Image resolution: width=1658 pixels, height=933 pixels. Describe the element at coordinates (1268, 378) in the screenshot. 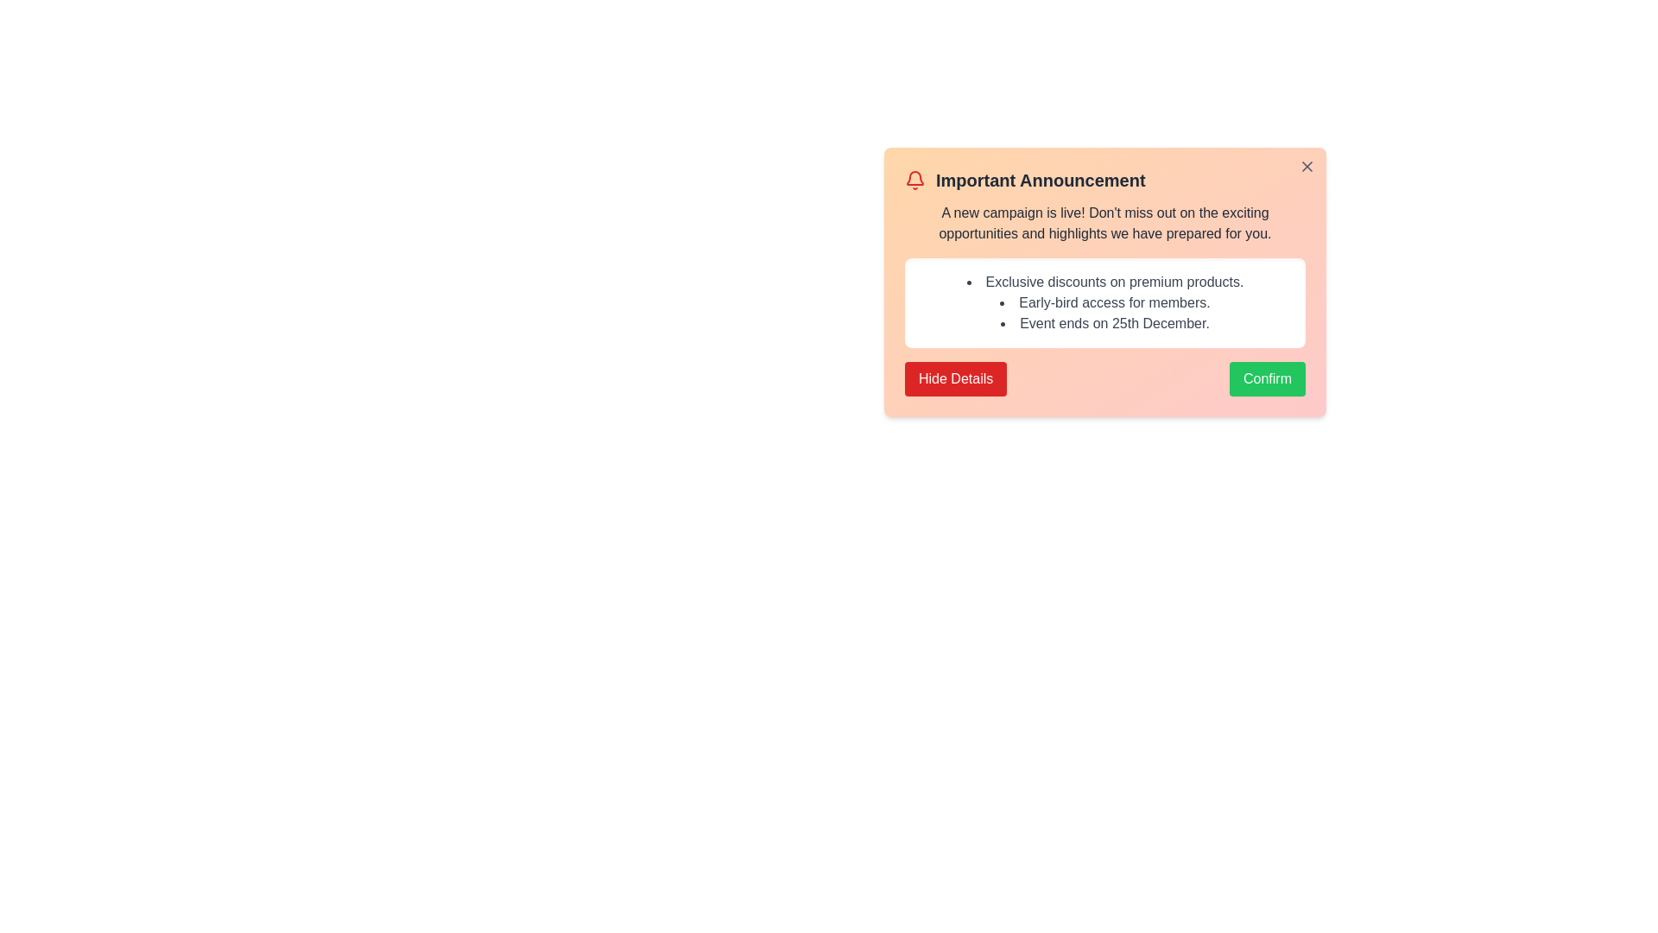

I see `the 'Confirm' button to acknowledge the campaign` at that location.